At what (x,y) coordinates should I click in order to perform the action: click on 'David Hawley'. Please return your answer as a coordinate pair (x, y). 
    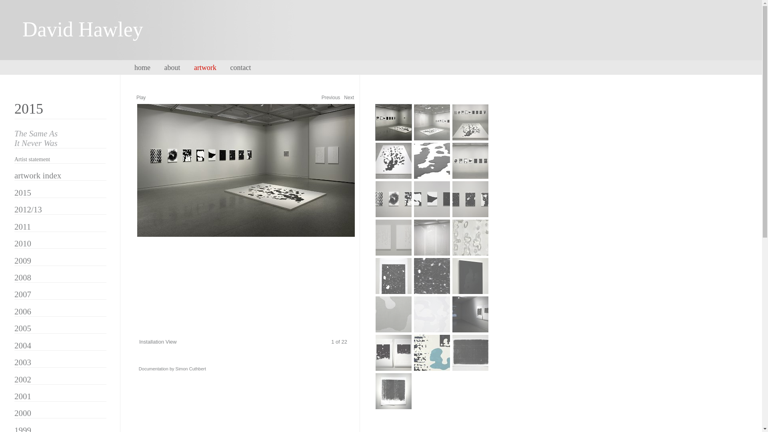
    Looking at the image, I should click on (94, 38).